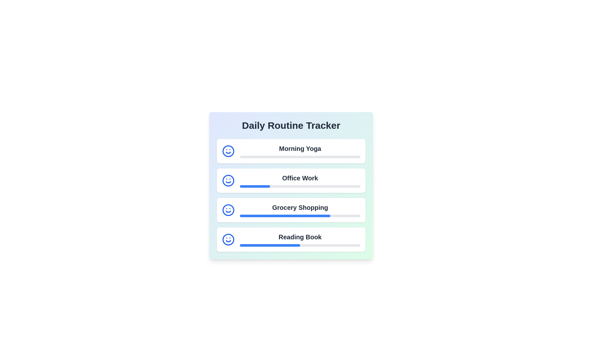 Image resolution: width=615 pixels, height=346 pixels. Describe the element at coordinates (291, 151) in the screenshot. I see `the routine item Morning Yoga to see additional information` at that location.